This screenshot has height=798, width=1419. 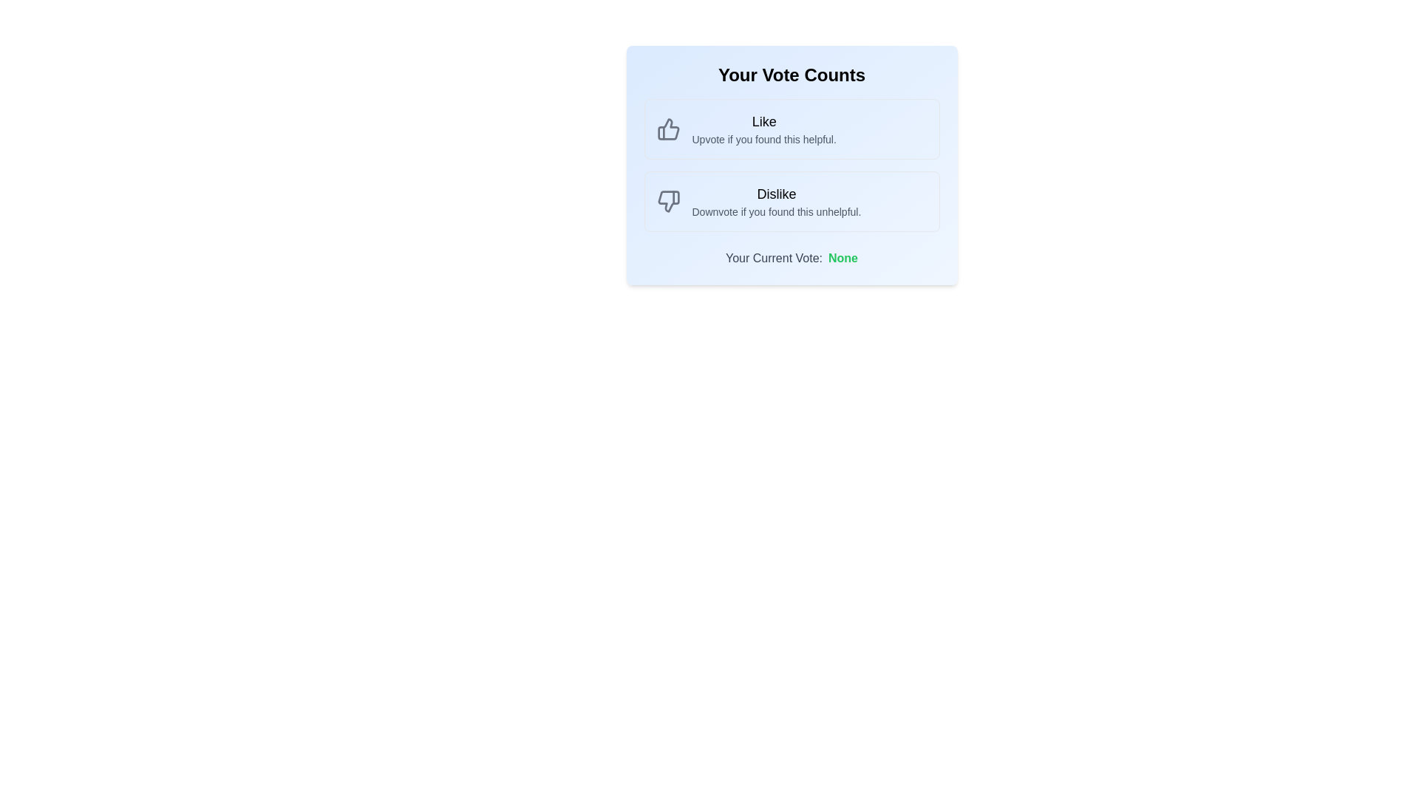 I want to click on the 'Like' text label indicating the option to like content, located at the top of the voting card structure, so click(x=764, y=121).